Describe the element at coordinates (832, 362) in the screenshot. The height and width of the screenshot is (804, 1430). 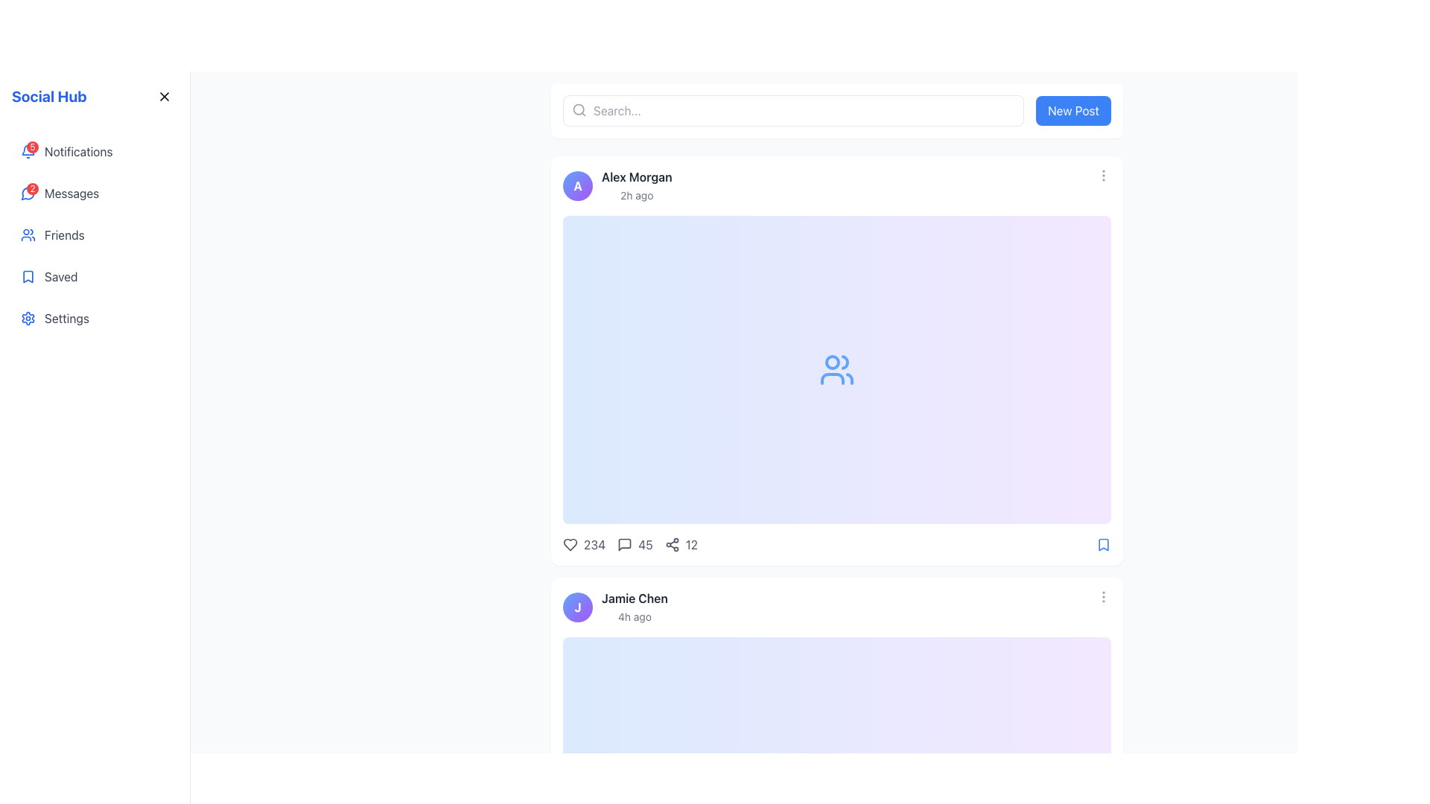
I see `the Circular SVG component that represents the head of a user in a group user icon, located within the head section of the user icon` at that location.